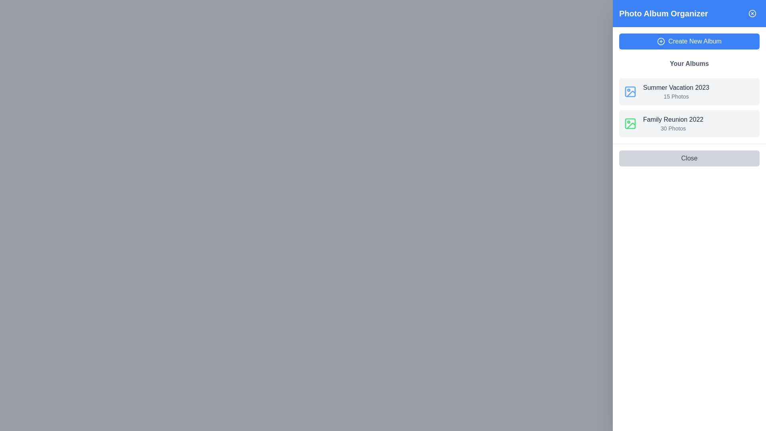 The height and width of the screenshot is (431, 766). What do you see at coordinates (673, 120) in the screenshot?
I see `the label that identifies the photo album in the second card under the 'Your Albums' section in the right sidebar of the Photo Album Organizer interface` at bounding box center [673, 120].